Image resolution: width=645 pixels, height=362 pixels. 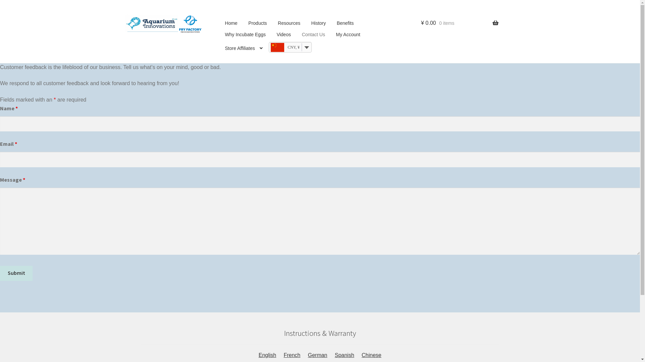 I want to click on 'English', so click(x=267, y=355).